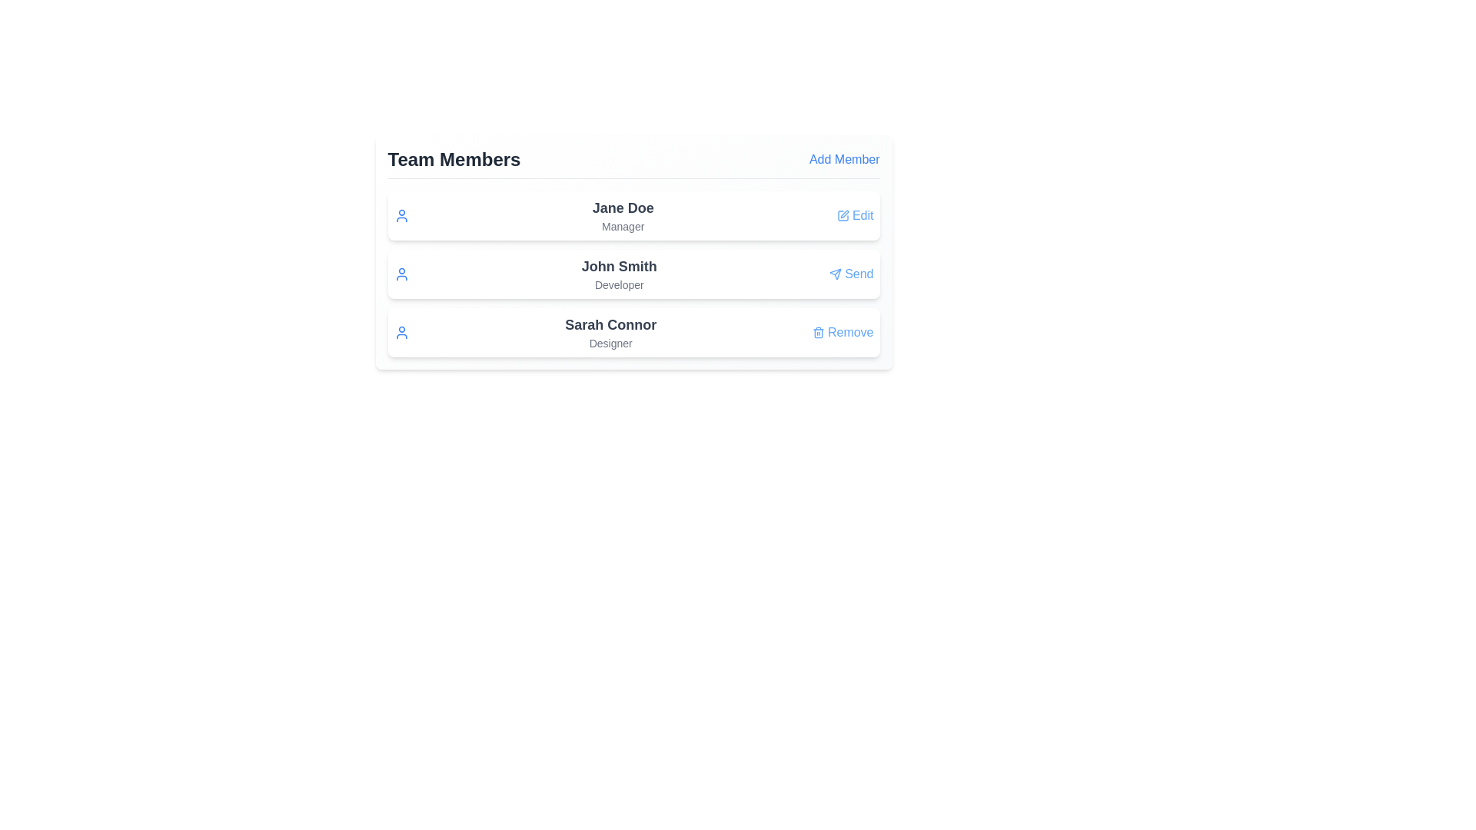  What do you see at coordinates (843, 160) in the screenshot?
I see `the 'Add Member' button to initiate the process of adding a new team member` at bounding box center [843, 160].